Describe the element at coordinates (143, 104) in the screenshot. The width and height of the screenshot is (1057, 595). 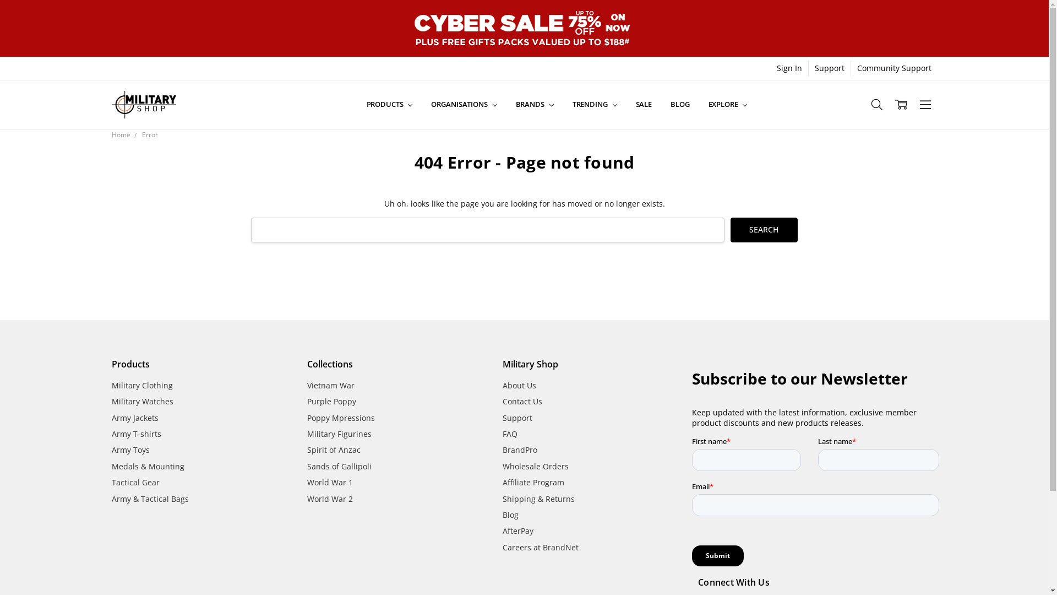
I see `'Military Shop'` at that location.